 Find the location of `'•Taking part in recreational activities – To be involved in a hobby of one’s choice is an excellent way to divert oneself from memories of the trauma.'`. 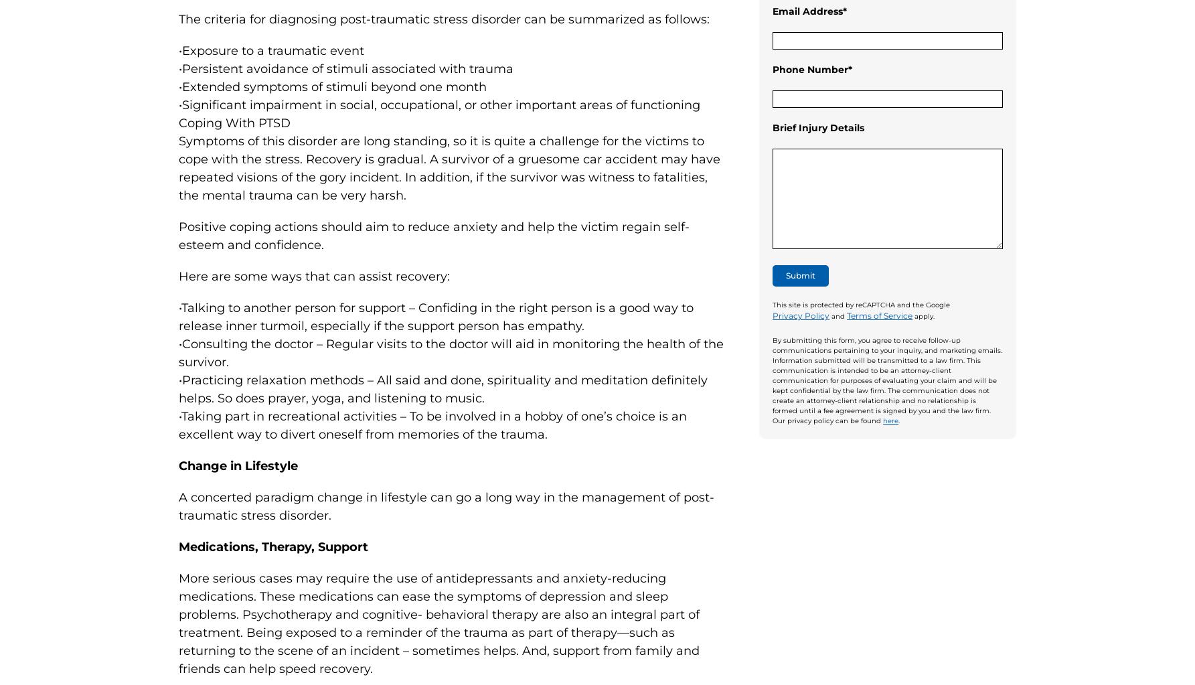

'•Taking part in recreational activities – To be involved in a hobby of one’s choice is an excellent way to divert oneself from memories of the trauma.' is located at coordinates (432, 425).